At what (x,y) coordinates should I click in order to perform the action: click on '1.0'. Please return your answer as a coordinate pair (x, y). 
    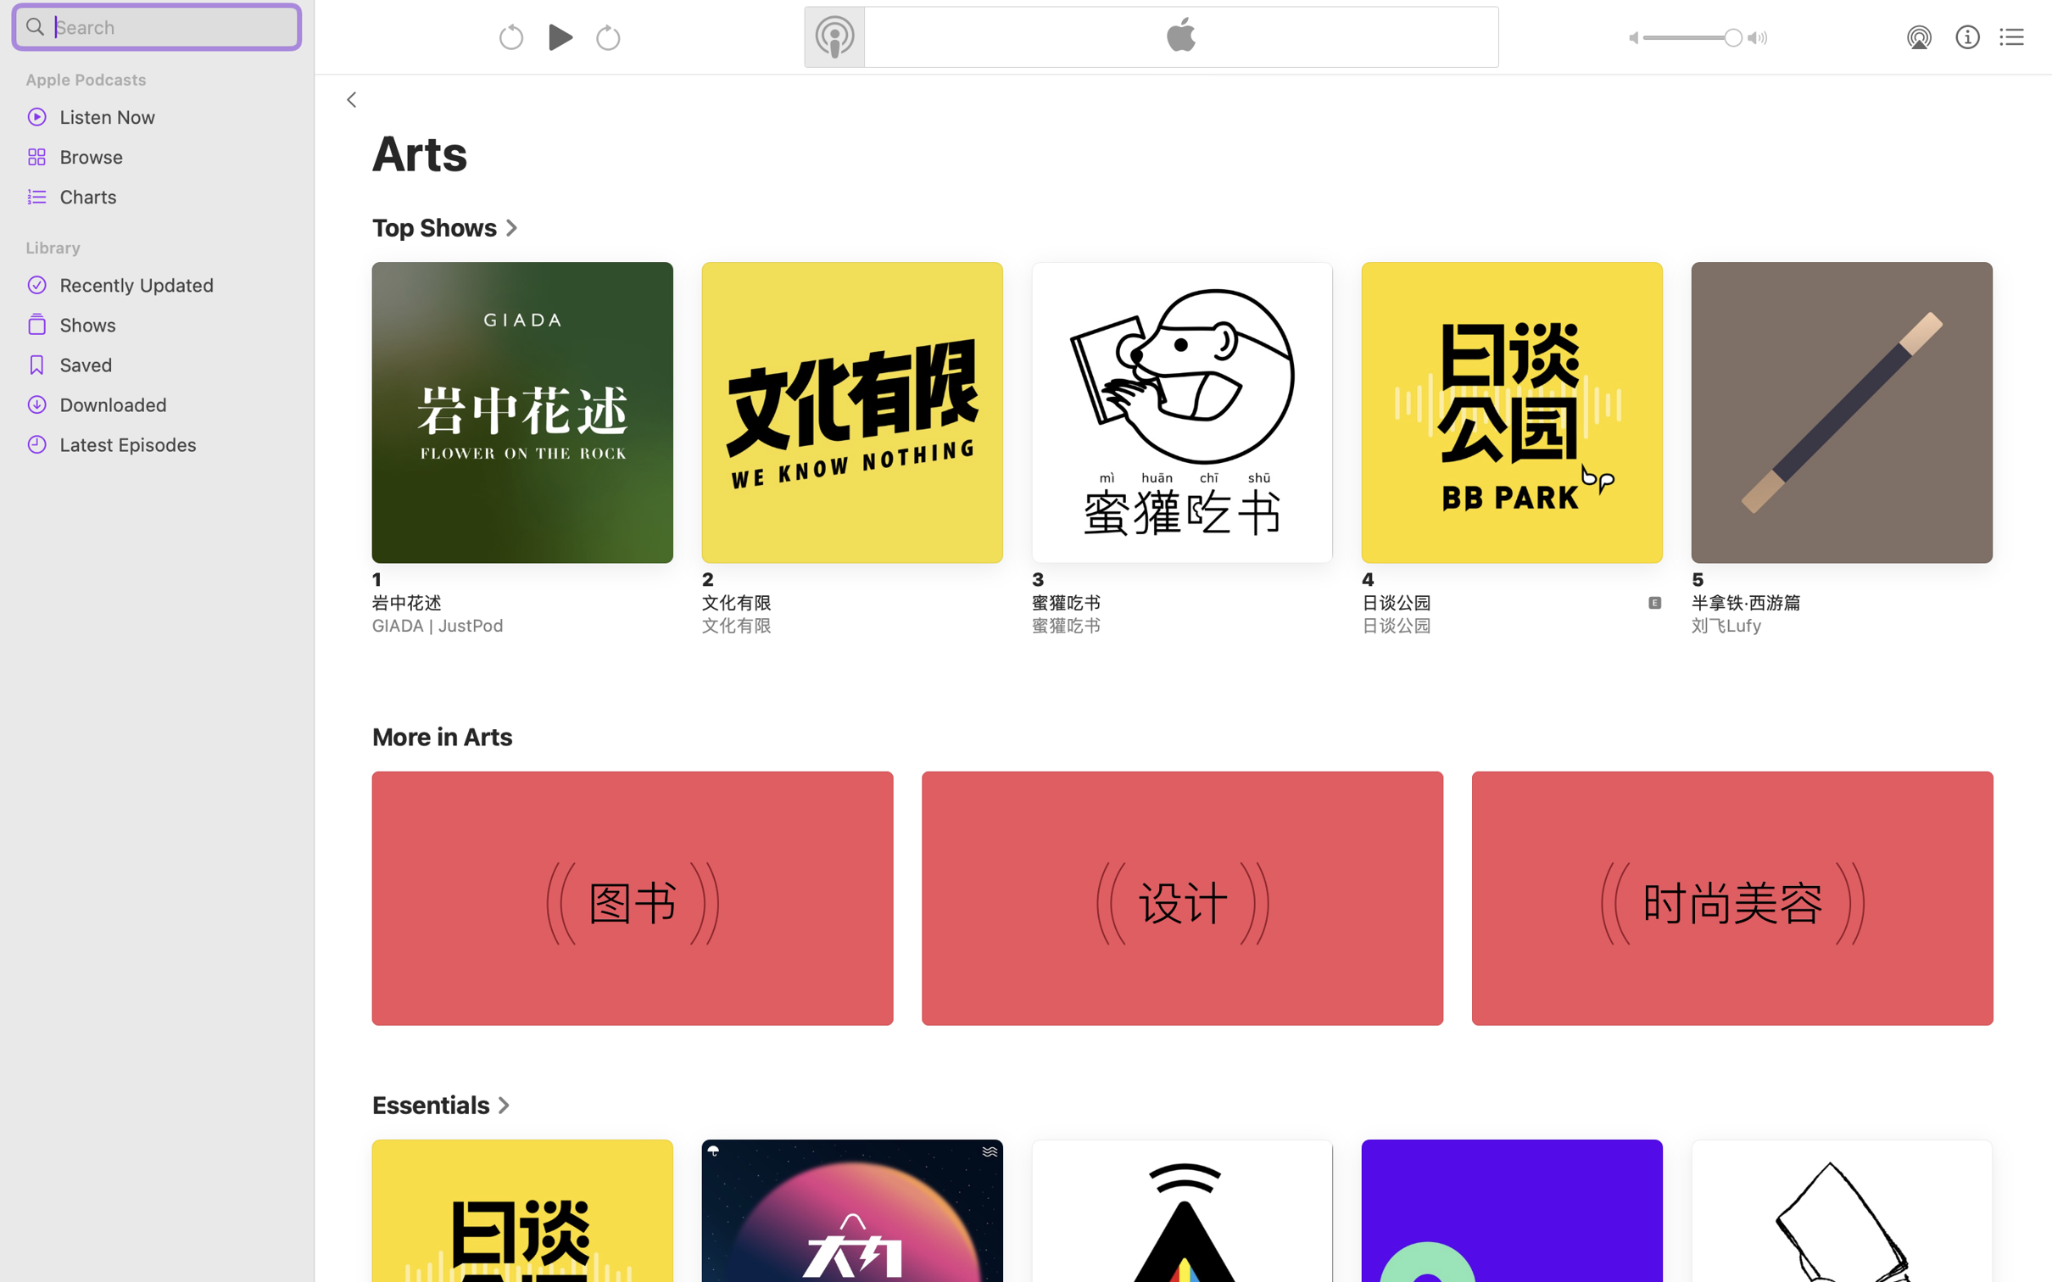
    Looking at the image, I should click on (1692, 37).